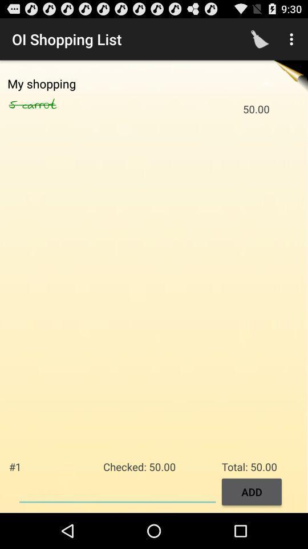 This screenshot has height=549, width=308. What do you see at coordinates (260, 39) in the screenshot?
I see `the icon above my shopping item` at bounding box center [260, 39].